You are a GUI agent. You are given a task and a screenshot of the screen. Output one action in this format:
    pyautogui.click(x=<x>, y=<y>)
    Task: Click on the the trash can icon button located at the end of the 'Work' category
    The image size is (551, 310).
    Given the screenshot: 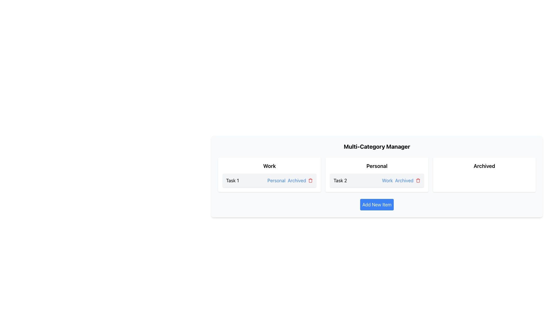 What is the action you would take?
    pyautogui.click(x=310, y=180)
    